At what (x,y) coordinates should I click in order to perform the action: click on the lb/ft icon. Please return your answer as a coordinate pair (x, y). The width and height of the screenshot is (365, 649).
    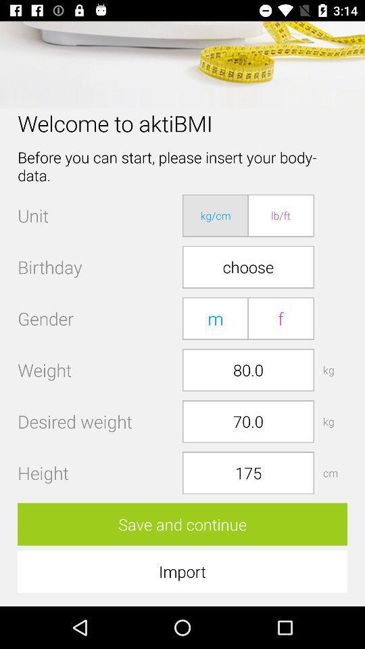
    Looking at the image, I should click on (280, 216).